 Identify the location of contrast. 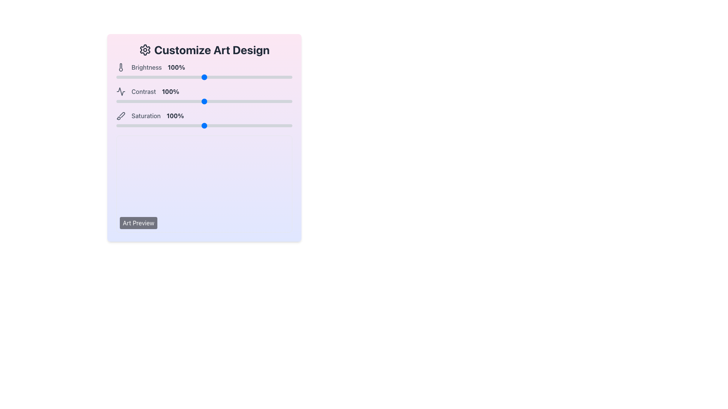
(179, 101).